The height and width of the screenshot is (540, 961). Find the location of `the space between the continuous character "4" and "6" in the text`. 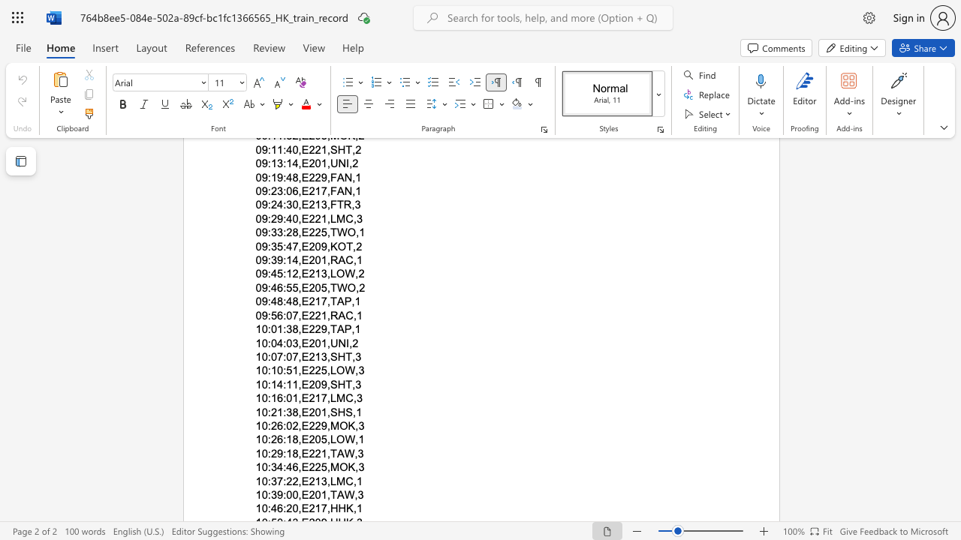

the space between the continuous character "4" and "6" in the text is located at coordinates (277, 508).